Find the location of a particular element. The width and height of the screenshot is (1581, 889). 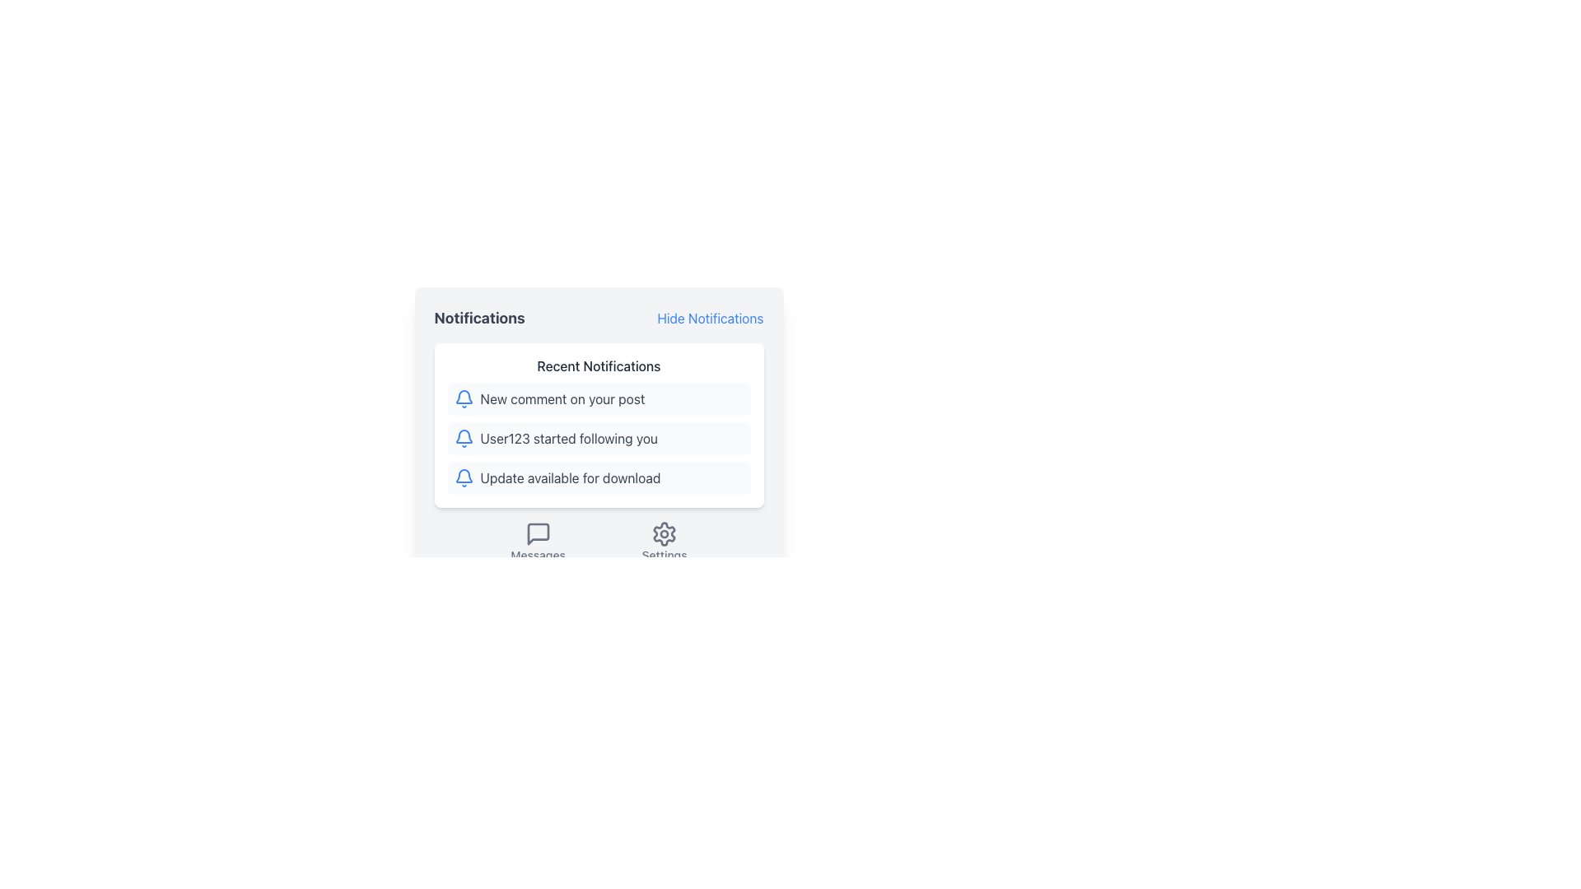

the text label that says 'Update available for download' within the notification panel, which is styled in dark gray and is the third item in the list is located at coordinates (570, 478).